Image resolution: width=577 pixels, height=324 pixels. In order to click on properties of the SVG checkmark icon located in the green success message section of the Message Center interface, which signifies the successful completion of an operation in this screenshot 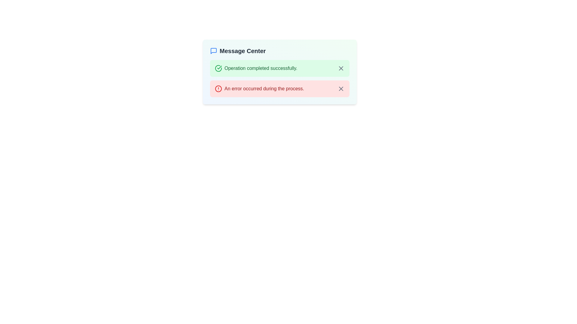, I will do `click(219, 67)`.